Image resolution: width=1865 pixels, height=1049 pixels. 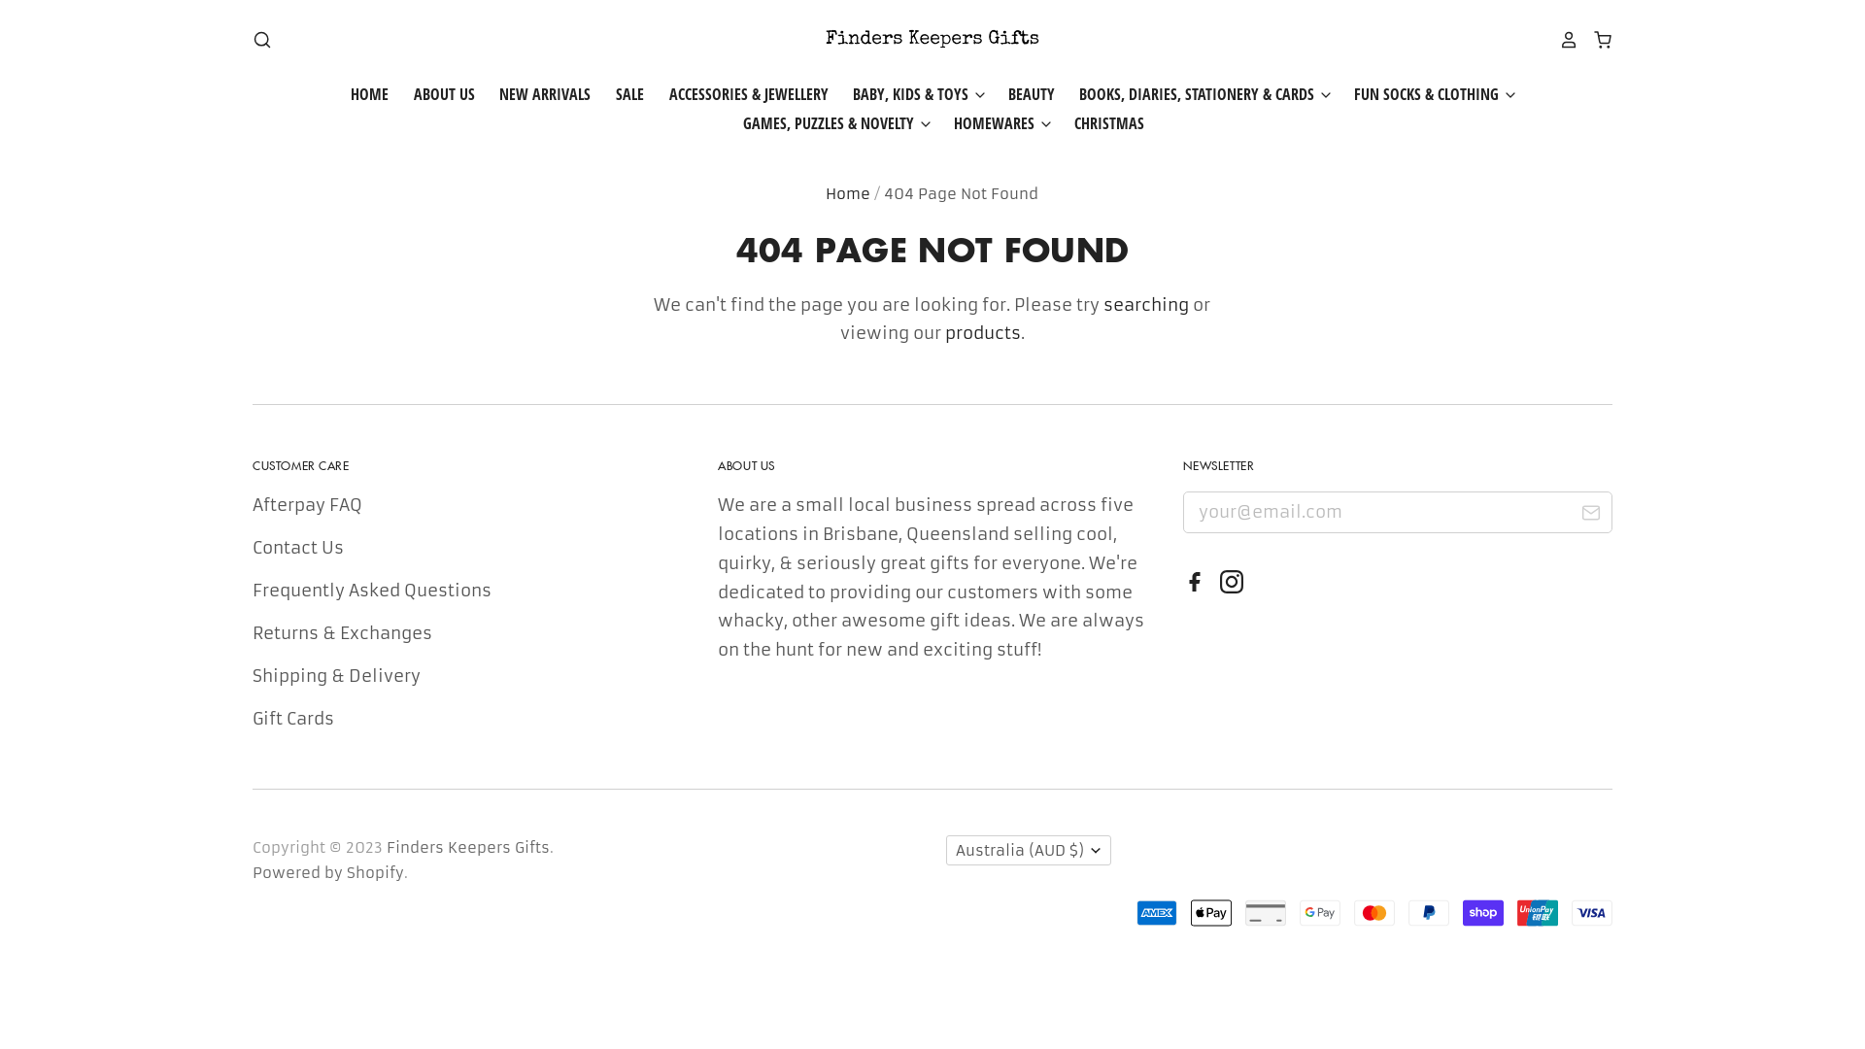 I want to click on 'Contact Us', so click(x=297, y=547).